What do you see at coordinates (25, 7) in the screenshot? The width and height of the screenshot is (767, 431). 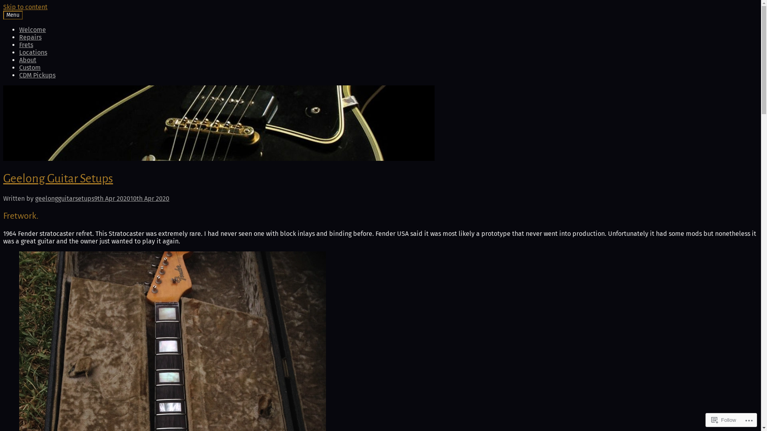 I see `'Skip to content'` at bounding box center [25, 7].